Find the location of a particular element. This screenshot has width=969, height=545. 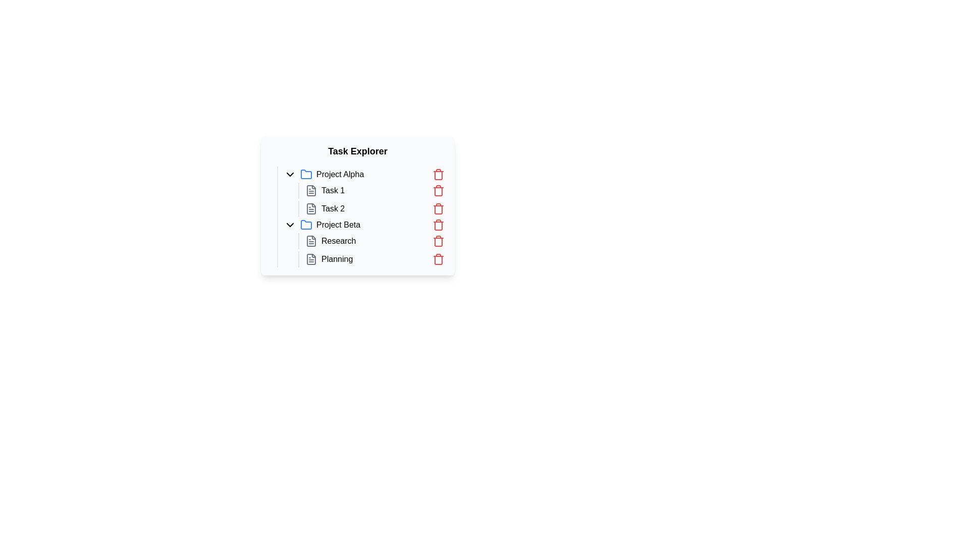

the text label that identifies the project folder, located in the first project collapsible group, to the right of the blue folder icon and above 'Task 1' and 'Task 2' is located at coordinates (340, 174).